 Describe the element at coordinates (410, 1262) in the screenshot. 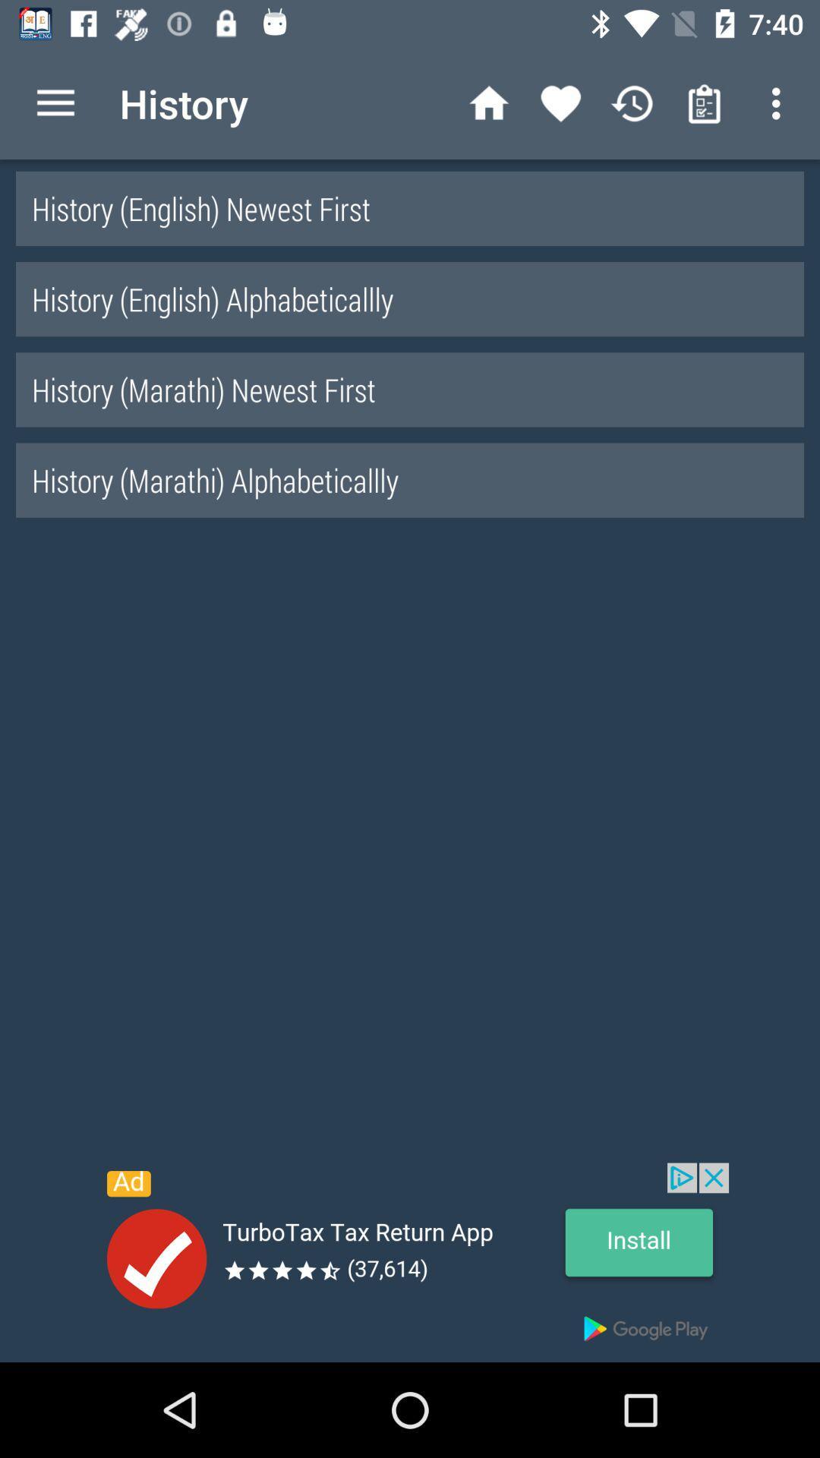

I see `turbotax add` at that location.